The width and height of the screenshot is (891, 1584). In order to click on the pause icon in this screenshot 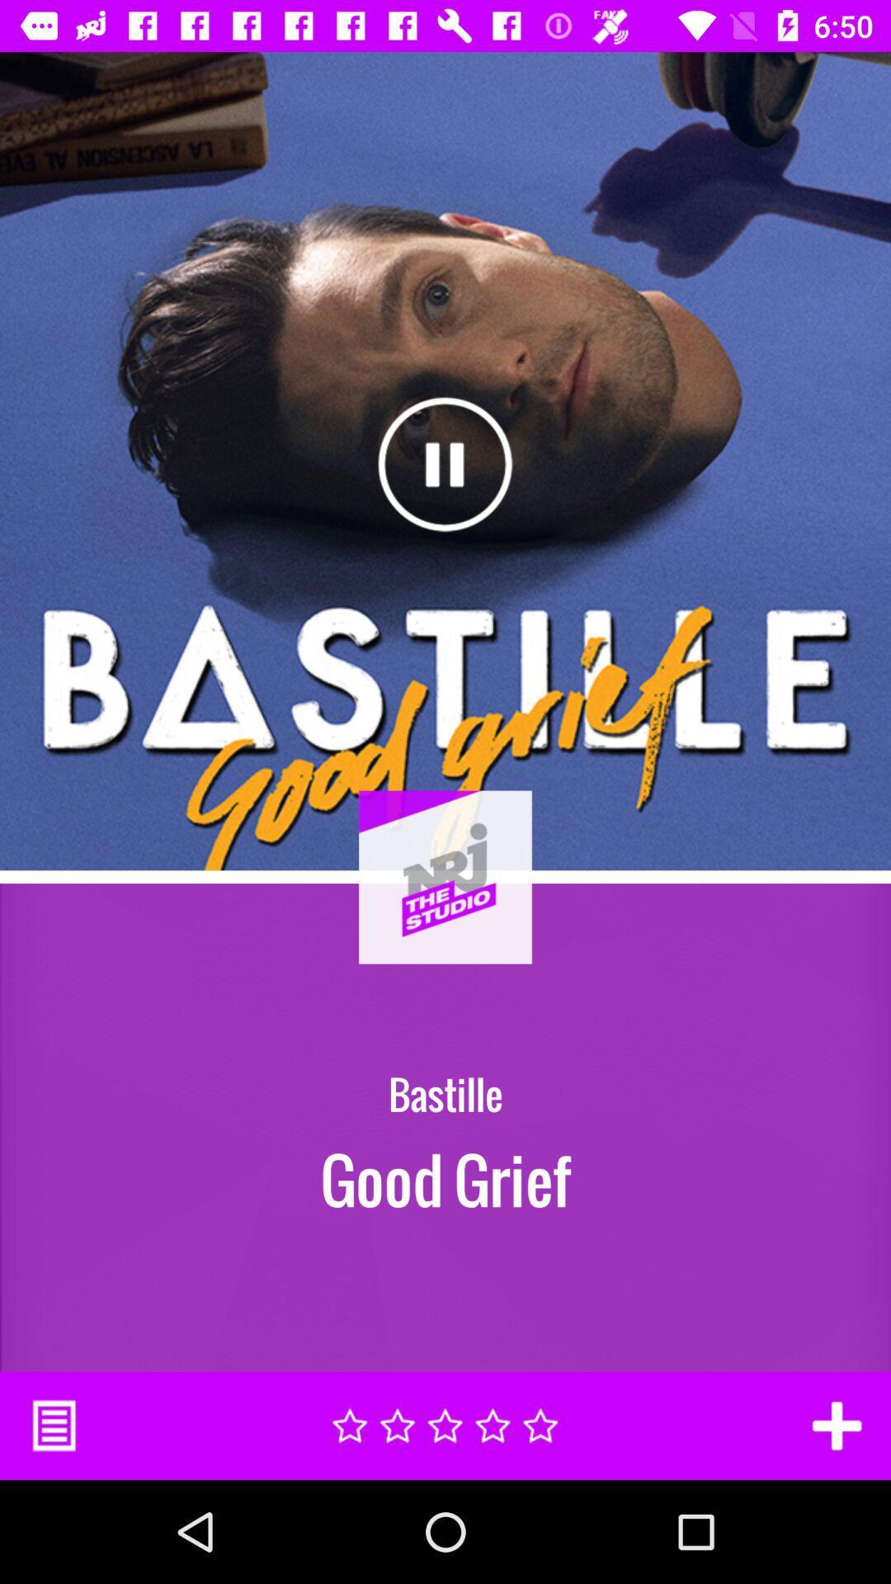, I will do `click(444, 463)`.